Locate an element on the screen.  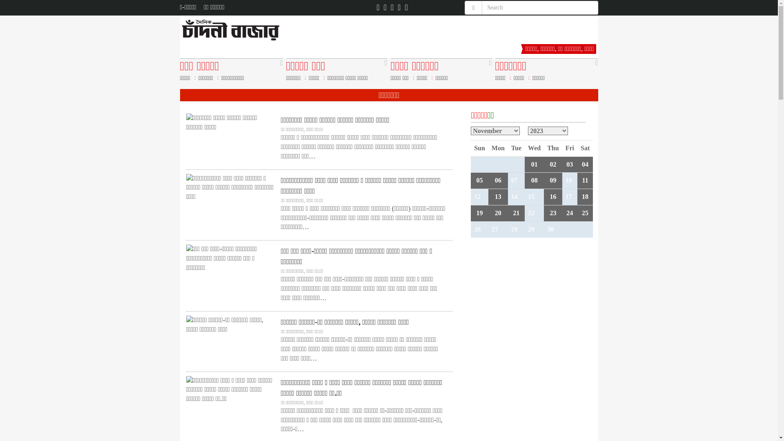
'23' is located at coordinates (552, 212).